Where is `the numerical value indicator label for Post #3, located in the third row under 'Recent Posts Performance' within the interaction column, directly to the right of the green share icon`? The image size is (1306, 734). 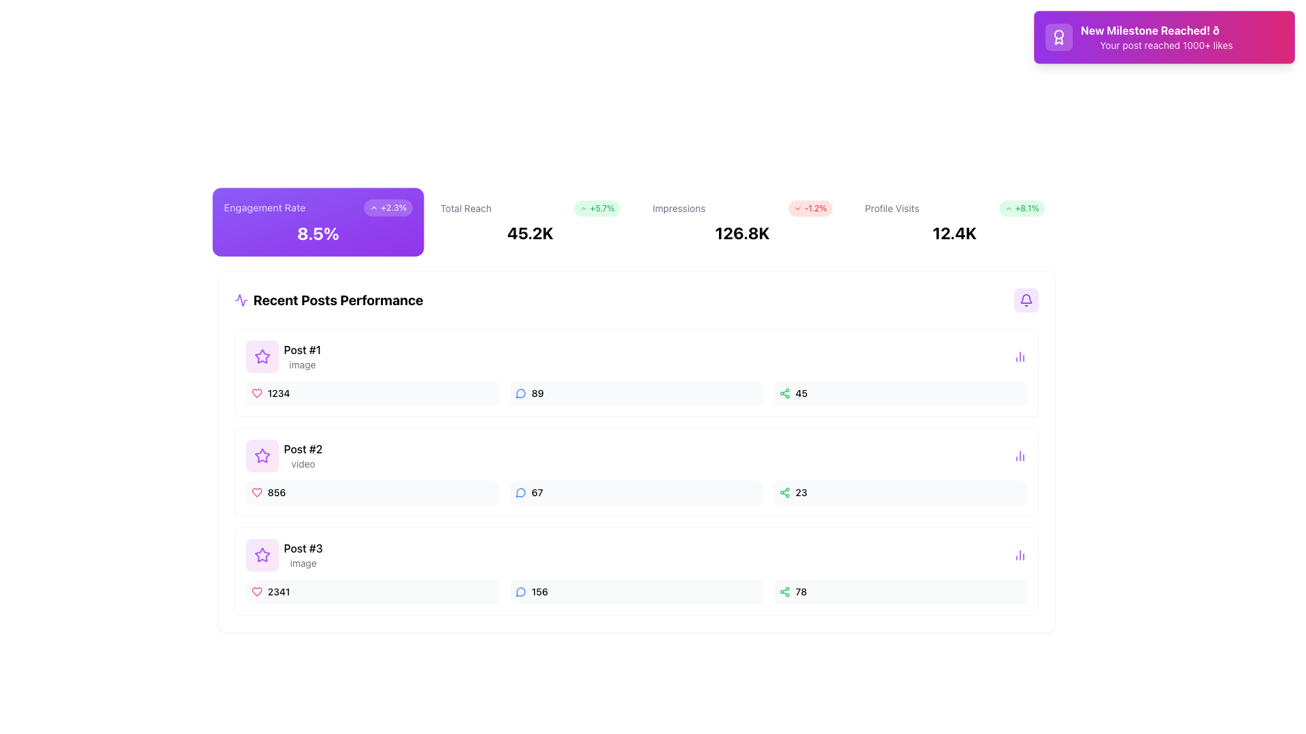 the numerical value indicator label for Post #3, located in the third row under 'Recent Posts Performance' within the interaction column, directly to the right of the green share icon is located at coordinates (801, 591).